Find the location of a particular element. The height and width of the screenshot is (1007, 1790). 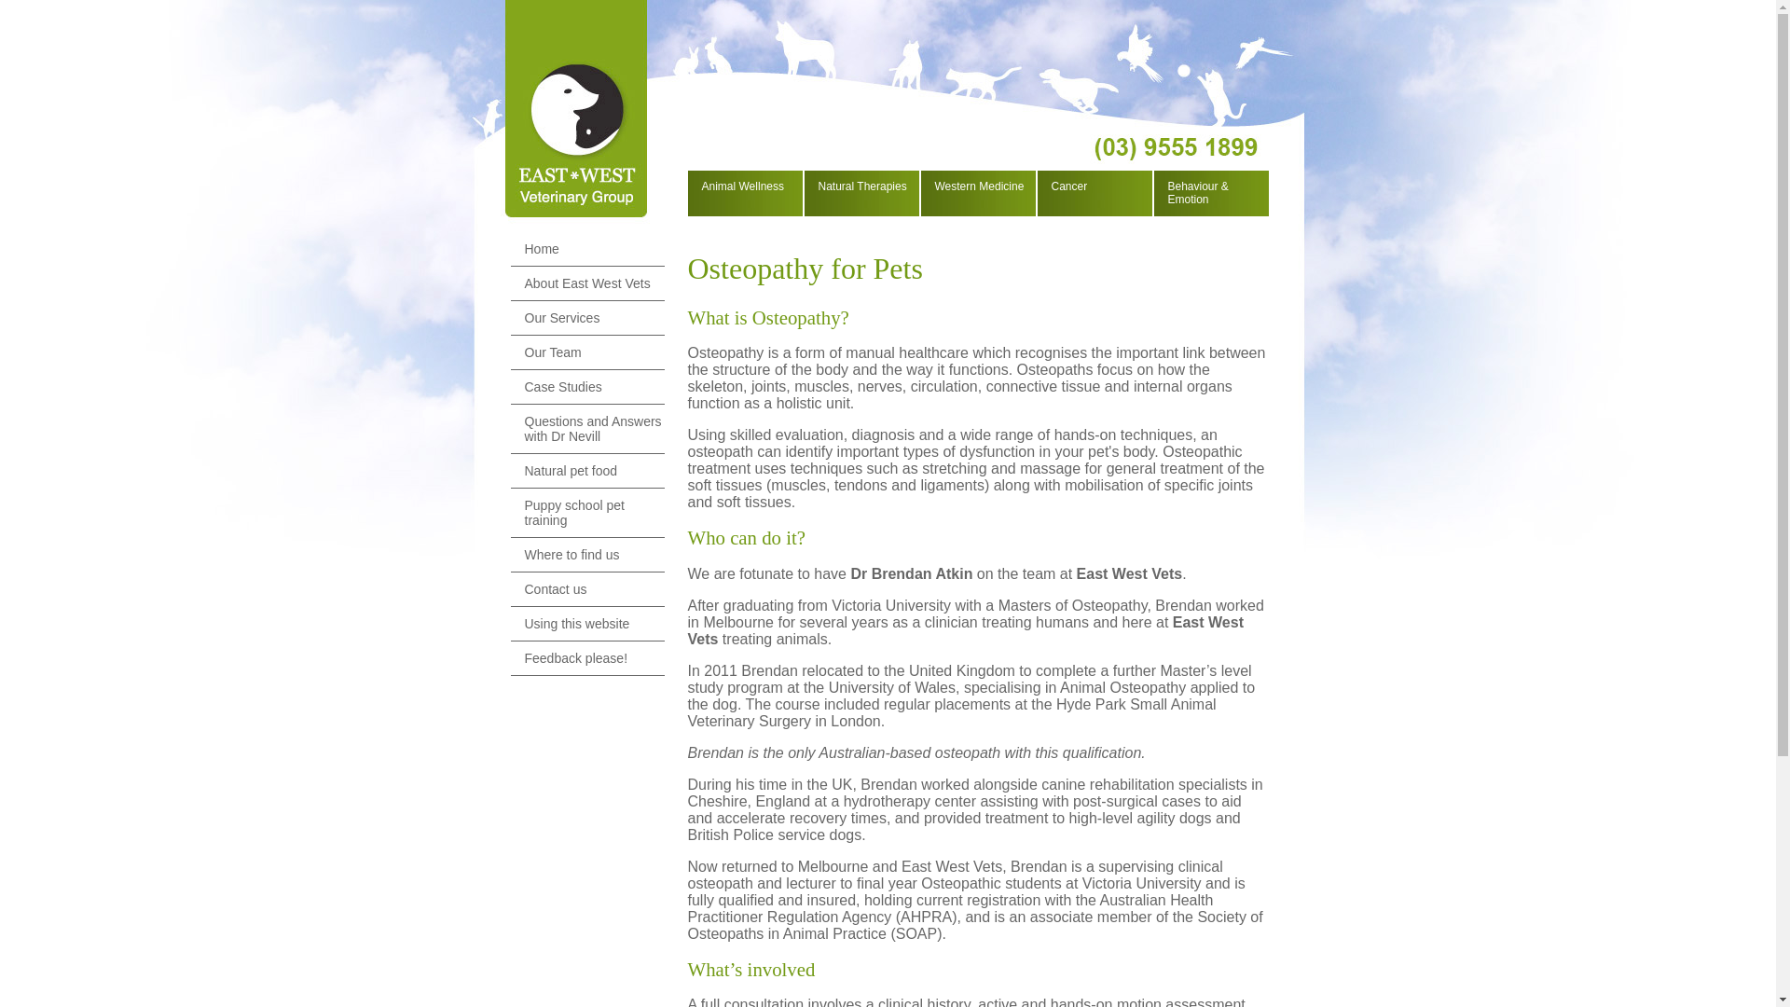

'Our Services' is located at coordinates (586, 317).